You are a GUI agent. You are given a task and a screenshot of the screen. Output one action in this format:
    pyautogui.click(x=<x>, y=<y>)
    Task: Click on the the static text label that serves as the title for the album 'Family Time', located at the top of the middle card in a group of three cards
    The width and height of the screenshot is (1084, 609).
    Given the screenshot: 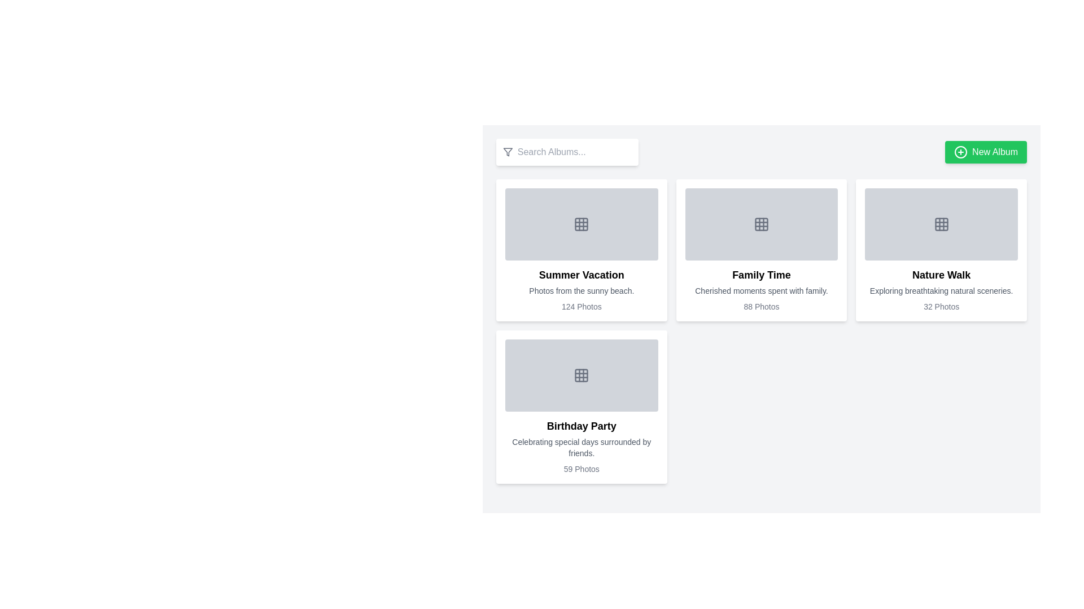 What is the action you would take?
    pyautogui.click(x=761, y=275)
    